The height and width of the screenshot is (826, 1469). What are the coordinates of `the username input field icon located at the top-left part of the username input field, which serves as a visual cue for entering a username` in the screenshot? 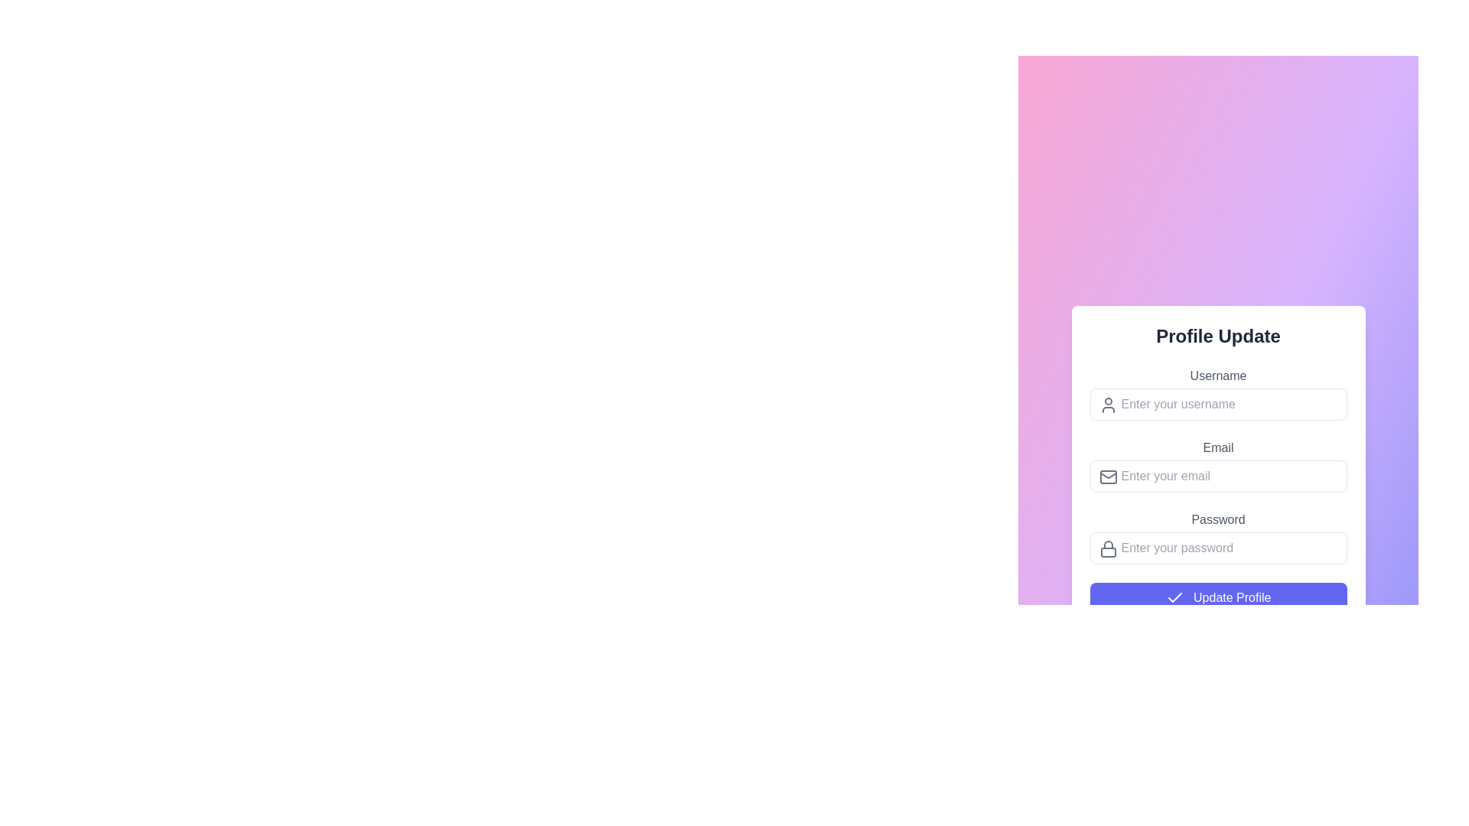 It's located at (1108, 404).